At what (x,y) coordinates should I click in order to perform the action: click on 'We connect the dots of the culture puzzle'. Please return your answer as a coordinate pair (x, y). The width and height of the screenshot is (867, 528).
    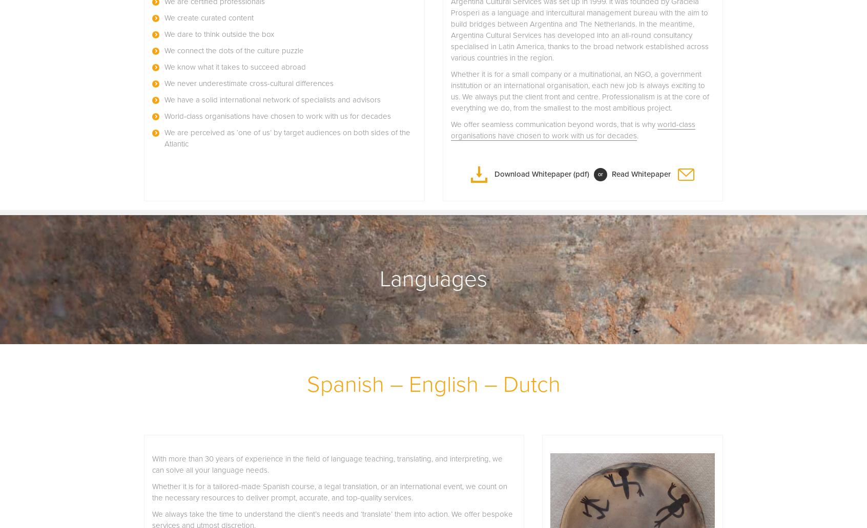
    Looking at the image, I should click on (234, 50).